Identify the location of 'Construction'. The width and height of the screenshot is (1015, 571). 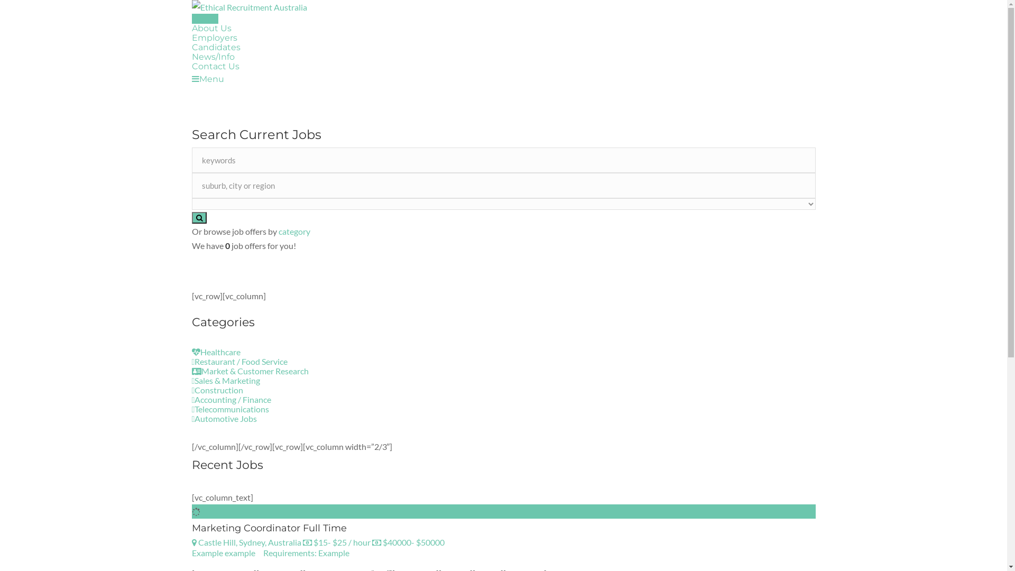
(217, 390).